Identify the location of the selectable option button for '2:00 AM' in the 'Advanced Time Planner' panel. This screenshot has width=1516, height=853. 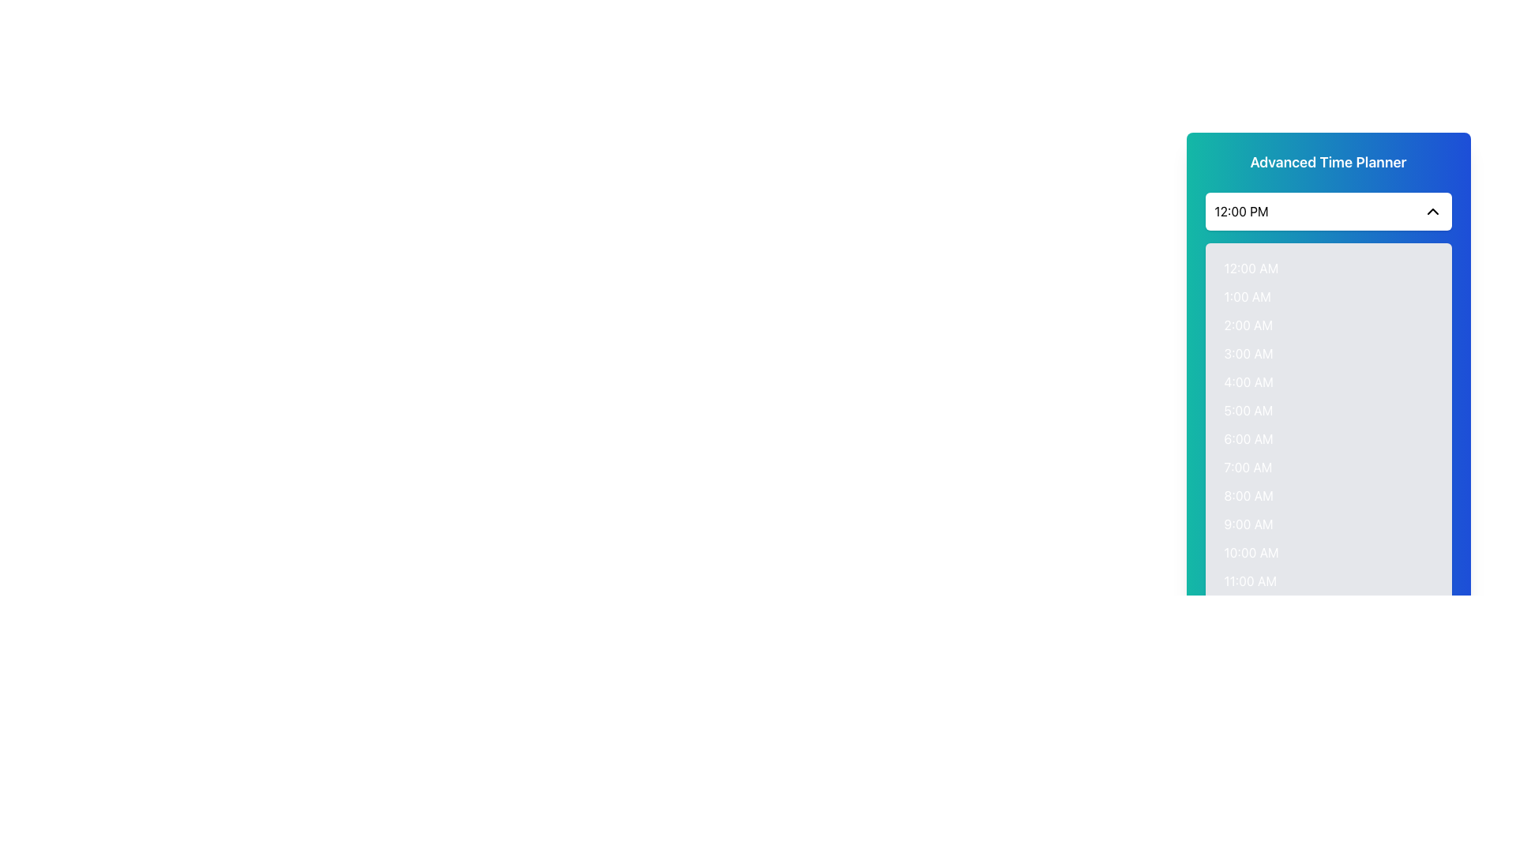
(1327, 325).